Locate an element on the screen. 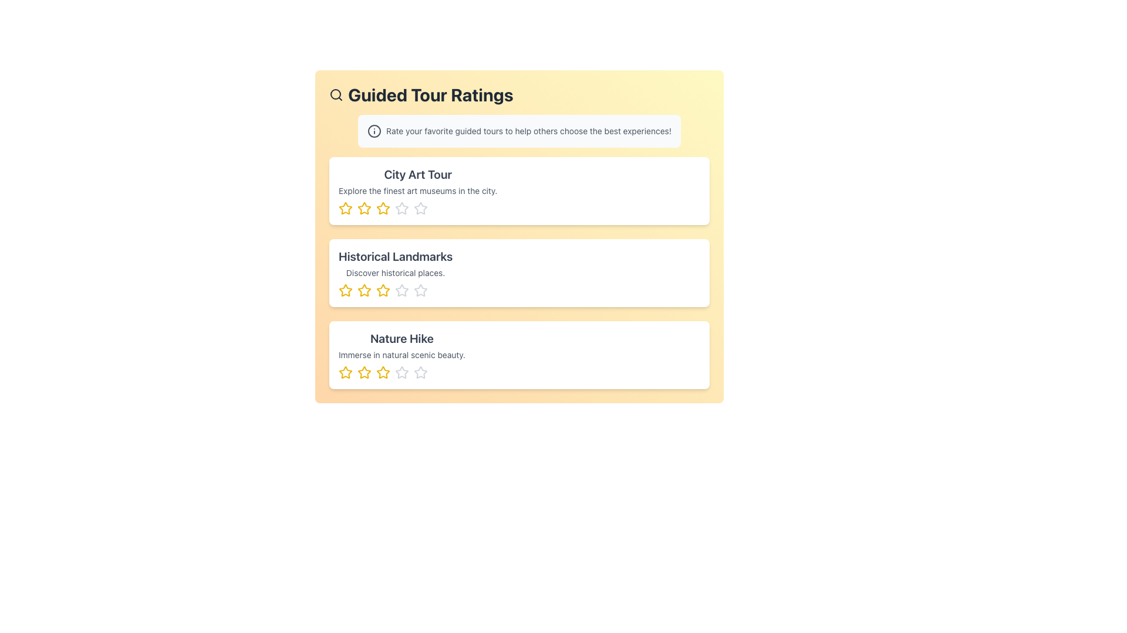 Image resolution: width=1127 pixels, height=633 pixels. the fifth star in the rating row of the 'Nature Hike' section is located at coordinates (420, 372).